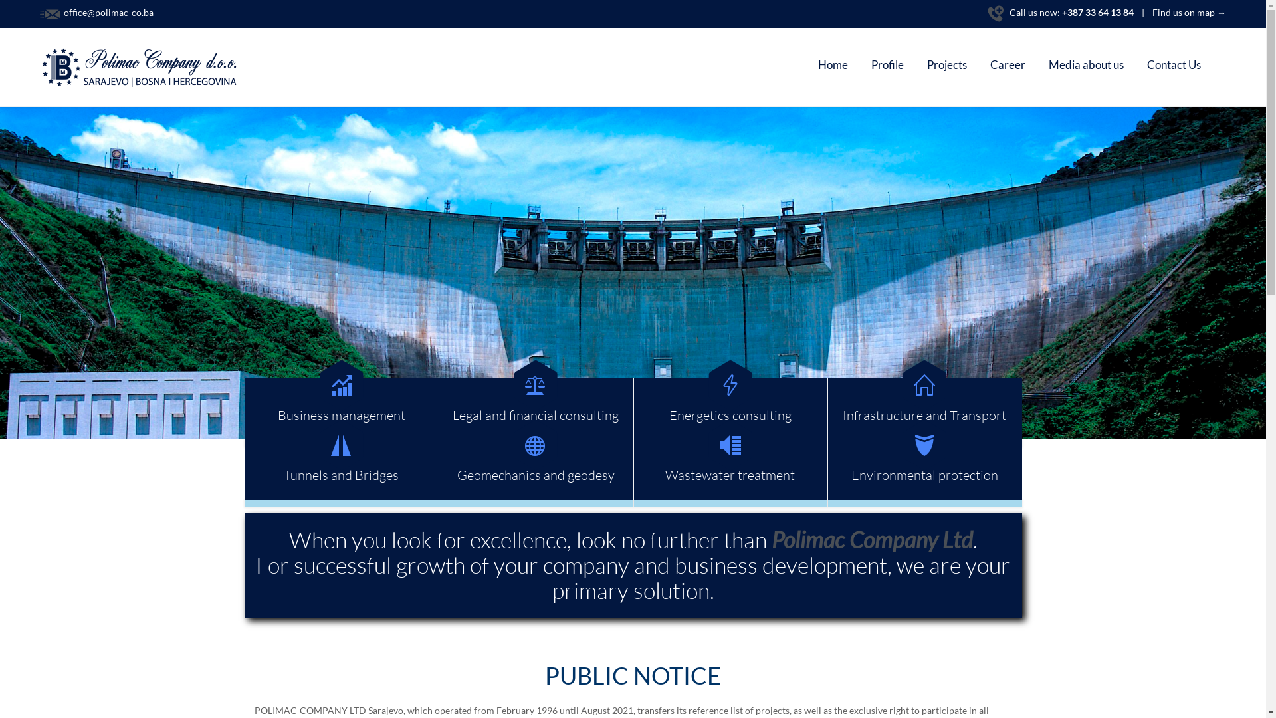 The image size is (1276, 718). What do you see at coordinates (1174, 66) in the screenshot?
I see `'Contact Us'` at bounding box center [1174, 66].